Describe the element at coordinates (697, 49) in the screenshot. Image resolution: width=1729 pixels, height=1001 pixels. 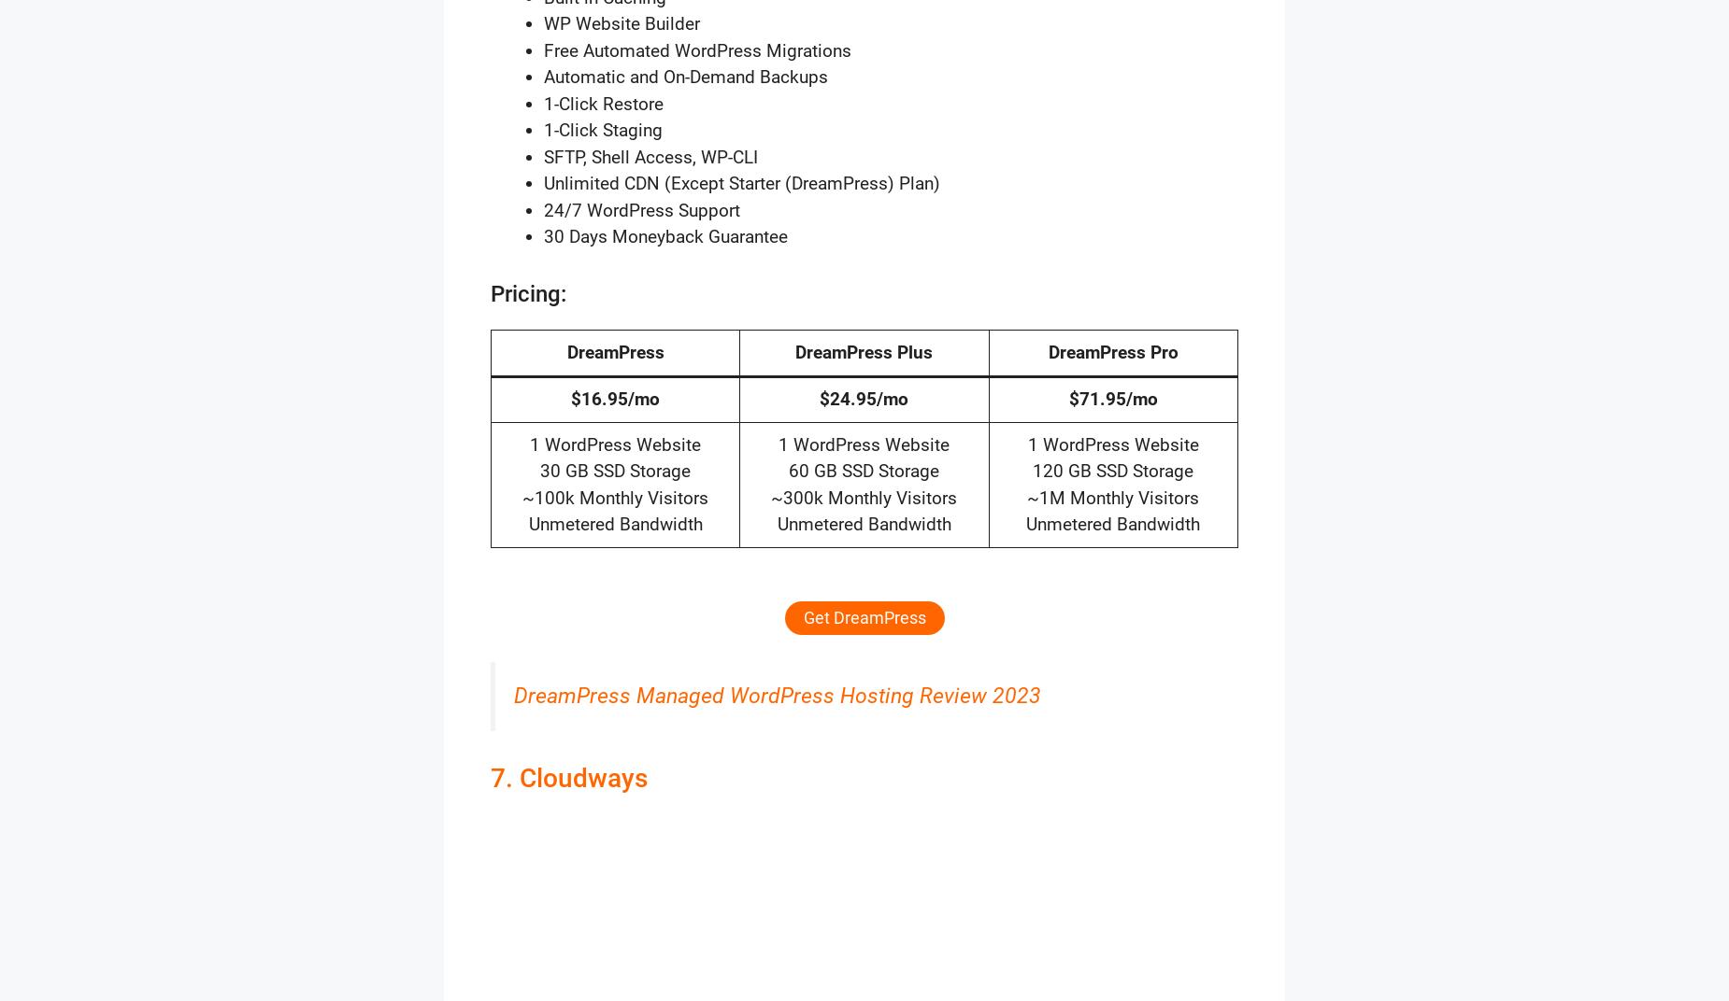
I see `'Free Automated WordPress Migrations'` at that location.